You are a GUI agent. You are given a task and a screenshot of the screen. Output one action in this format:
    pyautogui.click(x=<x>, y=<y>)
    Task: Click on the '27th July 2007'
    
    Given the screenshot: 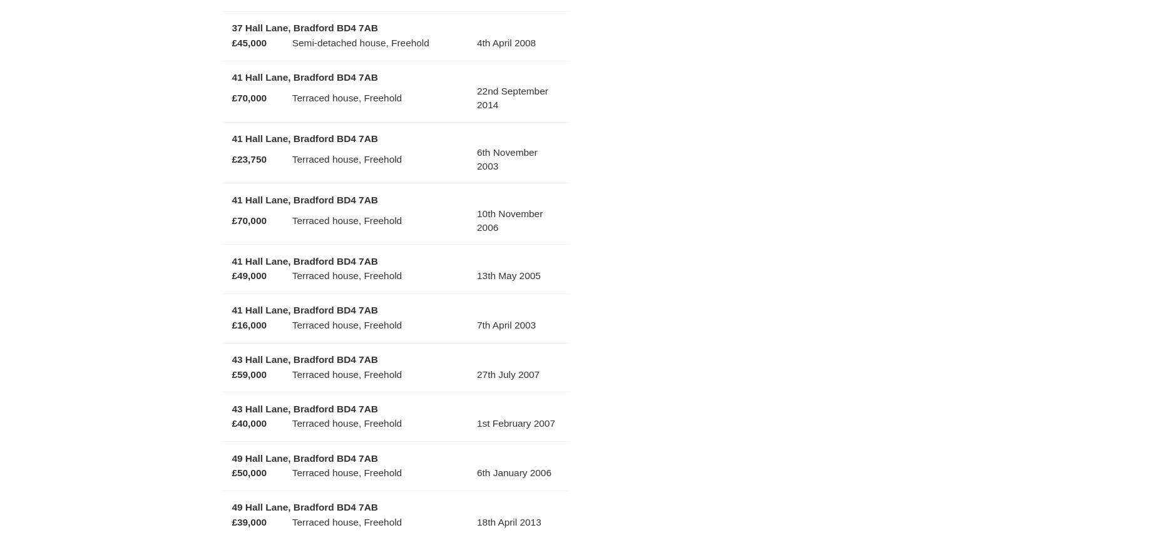 What is the action you would take?
    pyautogui.click(x=508, y=374)
    